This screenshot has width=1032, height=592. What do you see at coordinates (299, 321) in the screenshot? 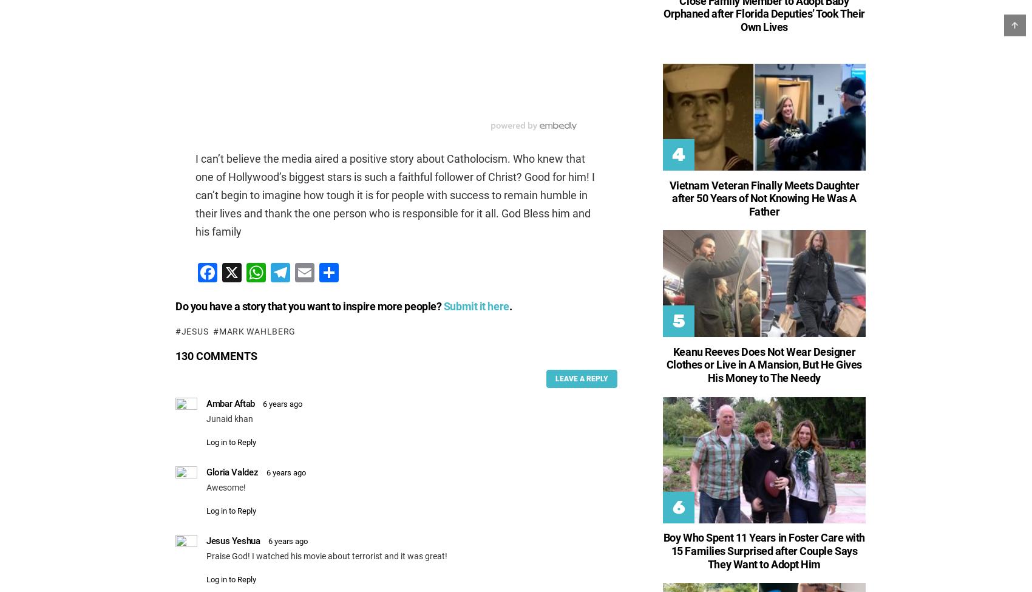
I see `'Telegram'` at bounding box center [299, 321].